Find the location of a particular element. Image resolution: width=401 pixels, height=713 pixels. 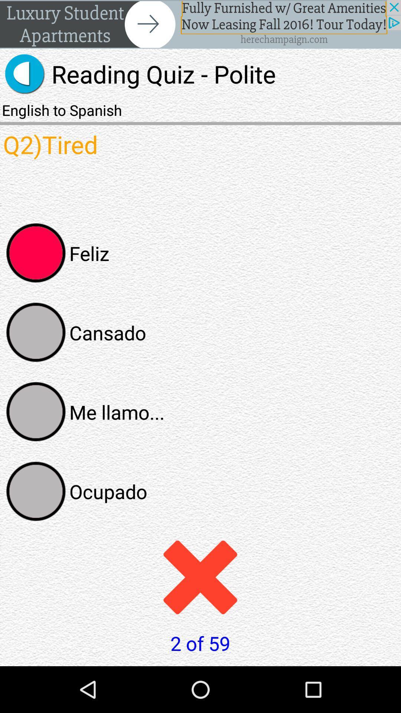

the avatar icon is located at coordinates (36, 355).